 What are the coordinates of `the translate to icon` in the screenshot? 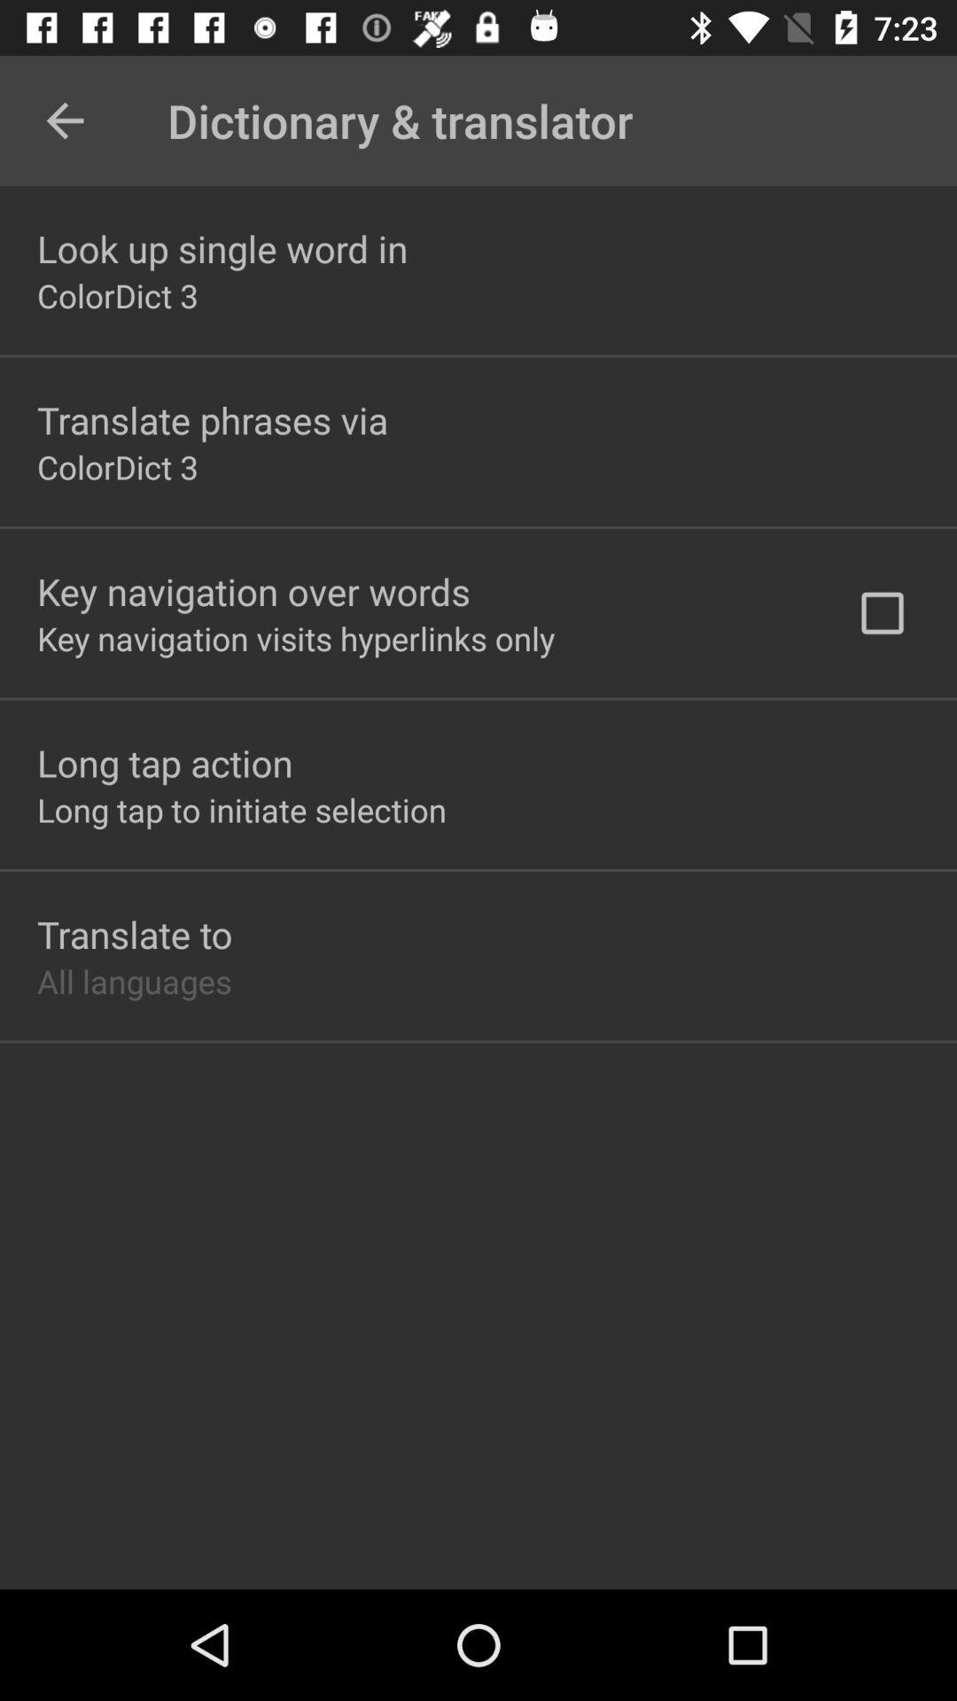 It's located at (134, 933).